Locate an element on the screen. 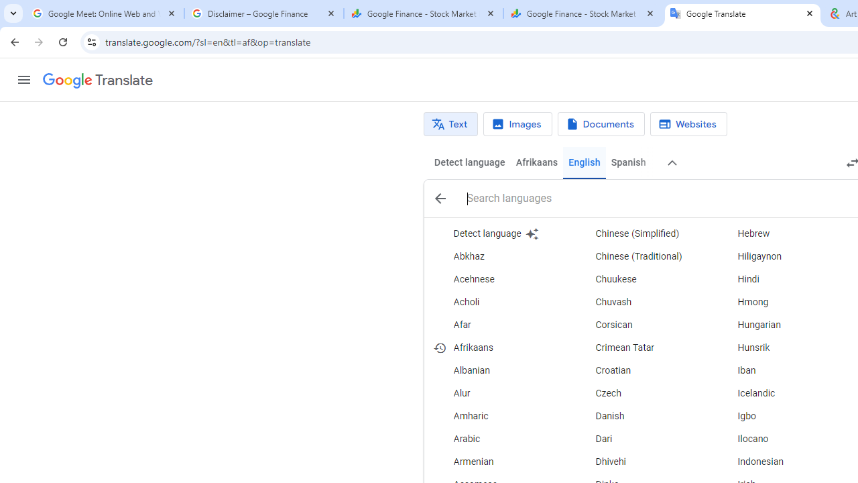 This screenshot has width=858, height=483. 'Indonesian' is located at coordinates (784, 462).